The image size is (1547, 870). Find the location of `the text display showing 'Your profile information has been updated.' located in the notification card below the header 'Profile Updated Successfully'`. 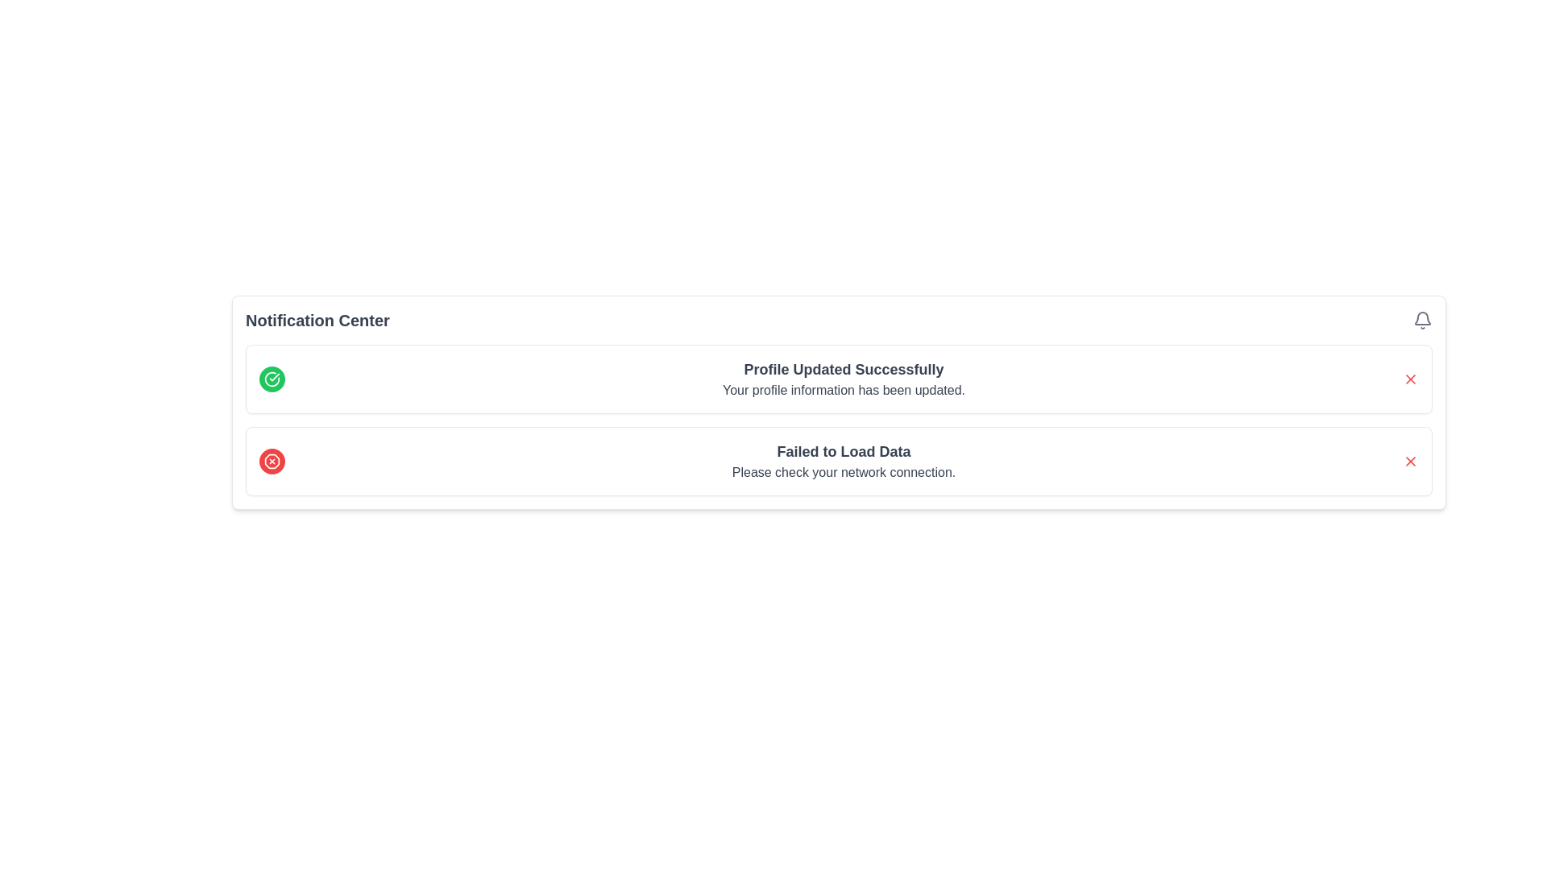

the text display showing 'Your profile information has been updated.' located in the notification card below the header 'Profile Updated Successfully' is located at coordinates (843, 391).